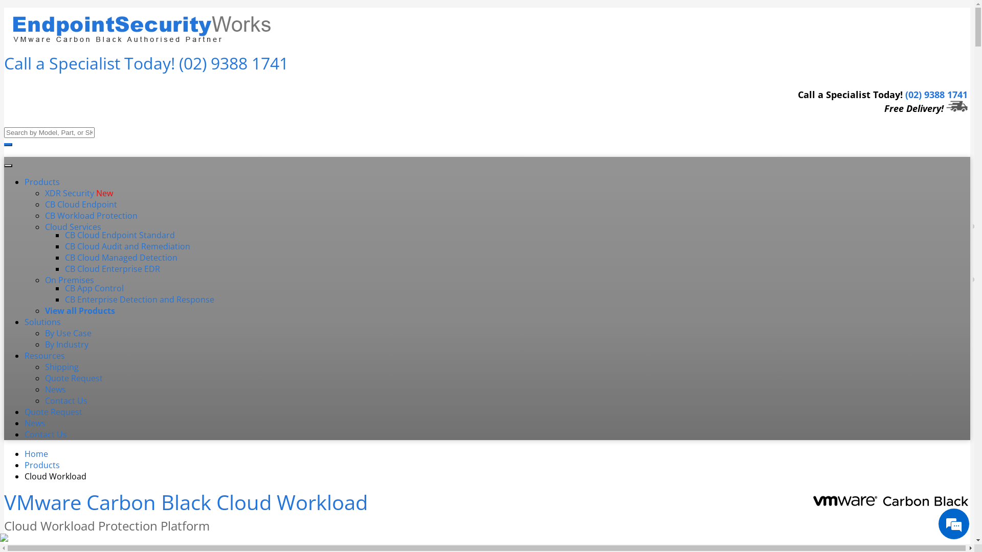 This screenshot has height=552, width=982. What do you see at coordinates (44, 389) in the screenshot?
I see `'News'` at bounding box center [44, 389].